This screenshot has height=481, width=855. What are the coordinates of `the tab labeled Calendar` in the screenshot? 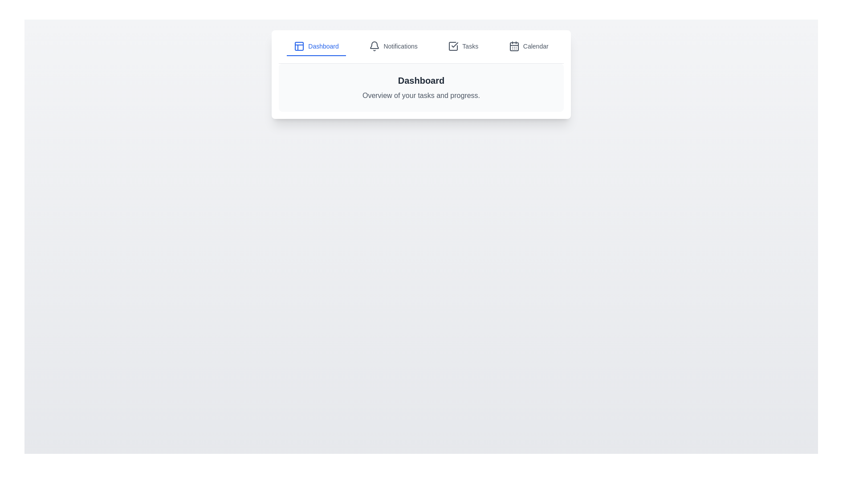 It's located at (529, 46).